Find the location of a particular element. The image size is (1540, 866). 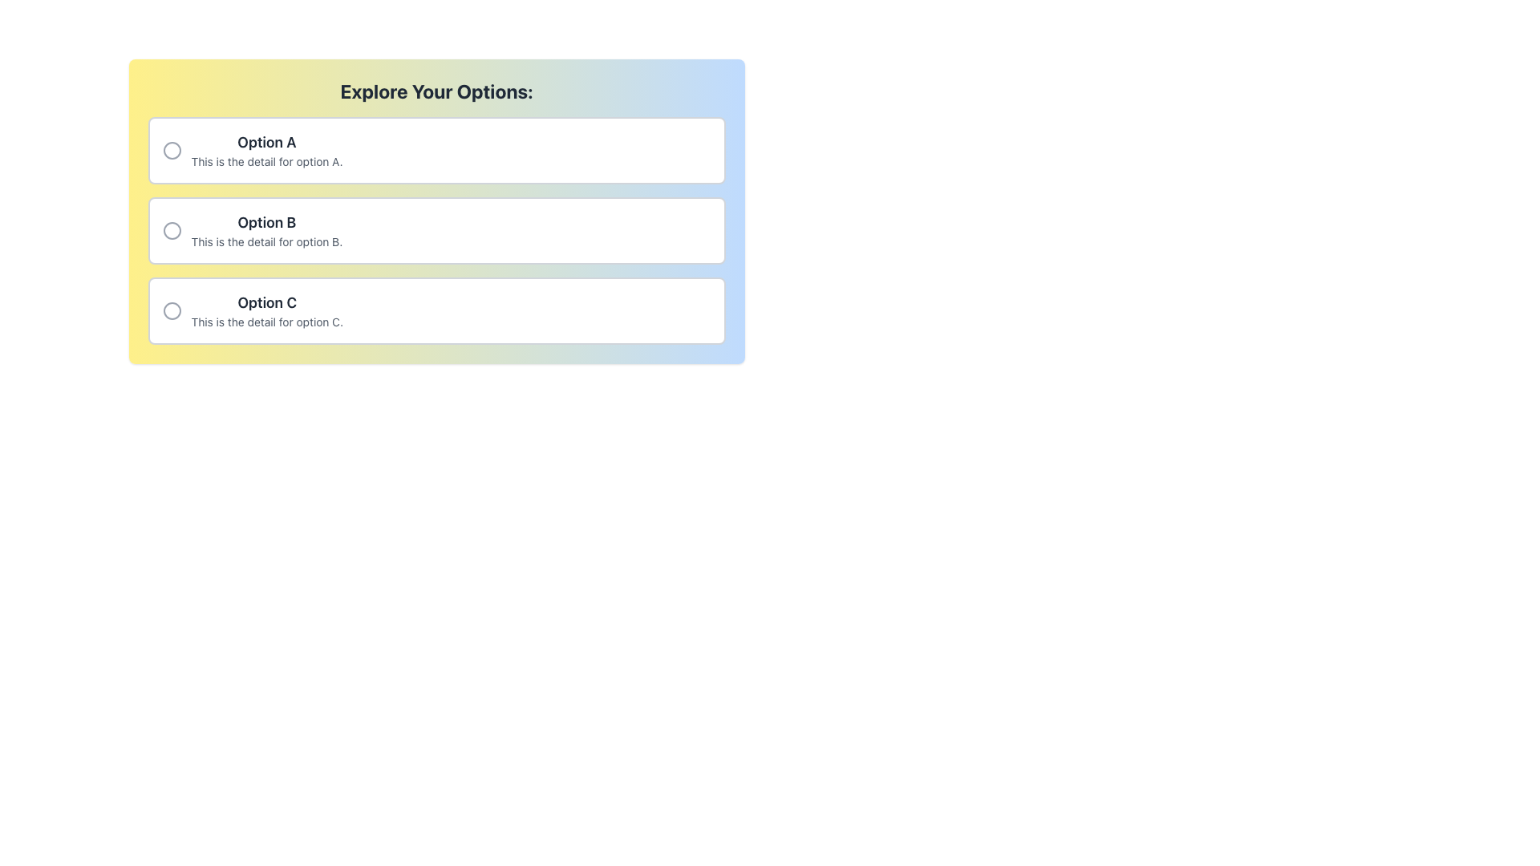

the third radio button indicator rendered as an SVG circle is located at coordinates (172, 311).